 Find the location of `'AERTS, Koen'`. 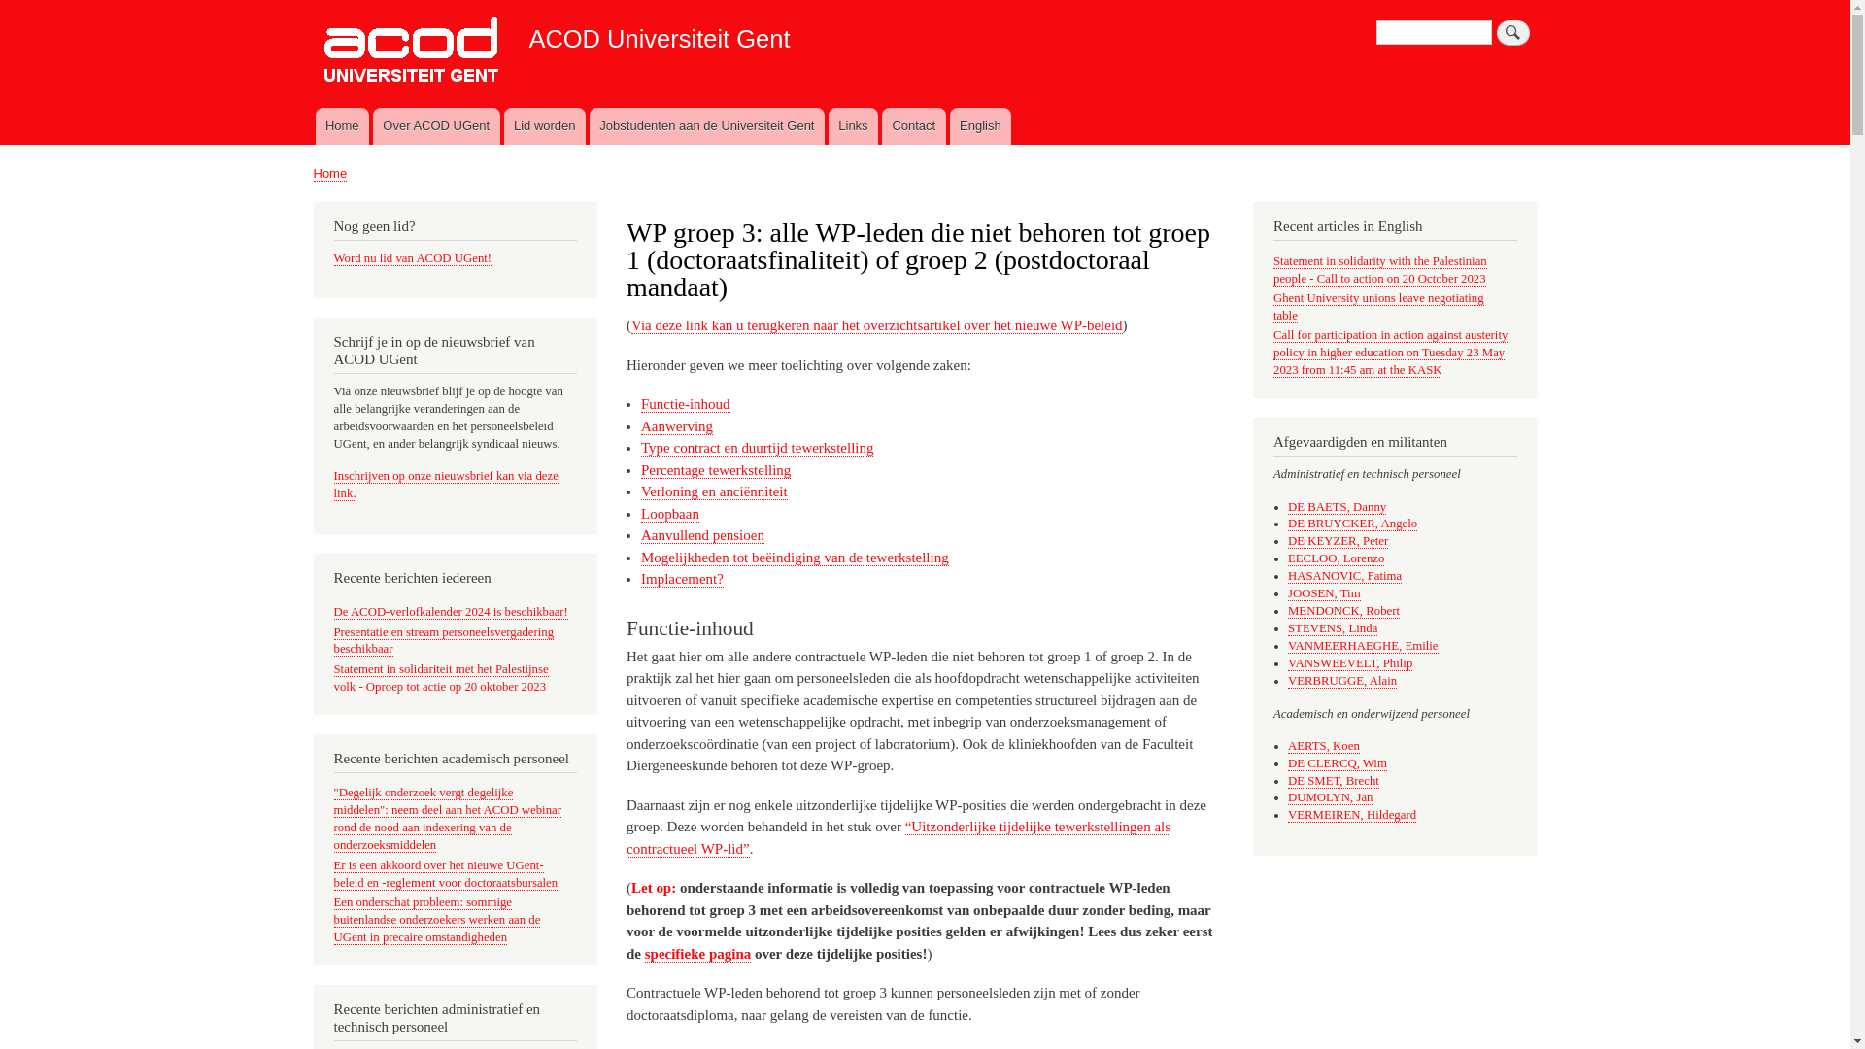

'AERTS, Koen' is located at coordinates (1323, 745).